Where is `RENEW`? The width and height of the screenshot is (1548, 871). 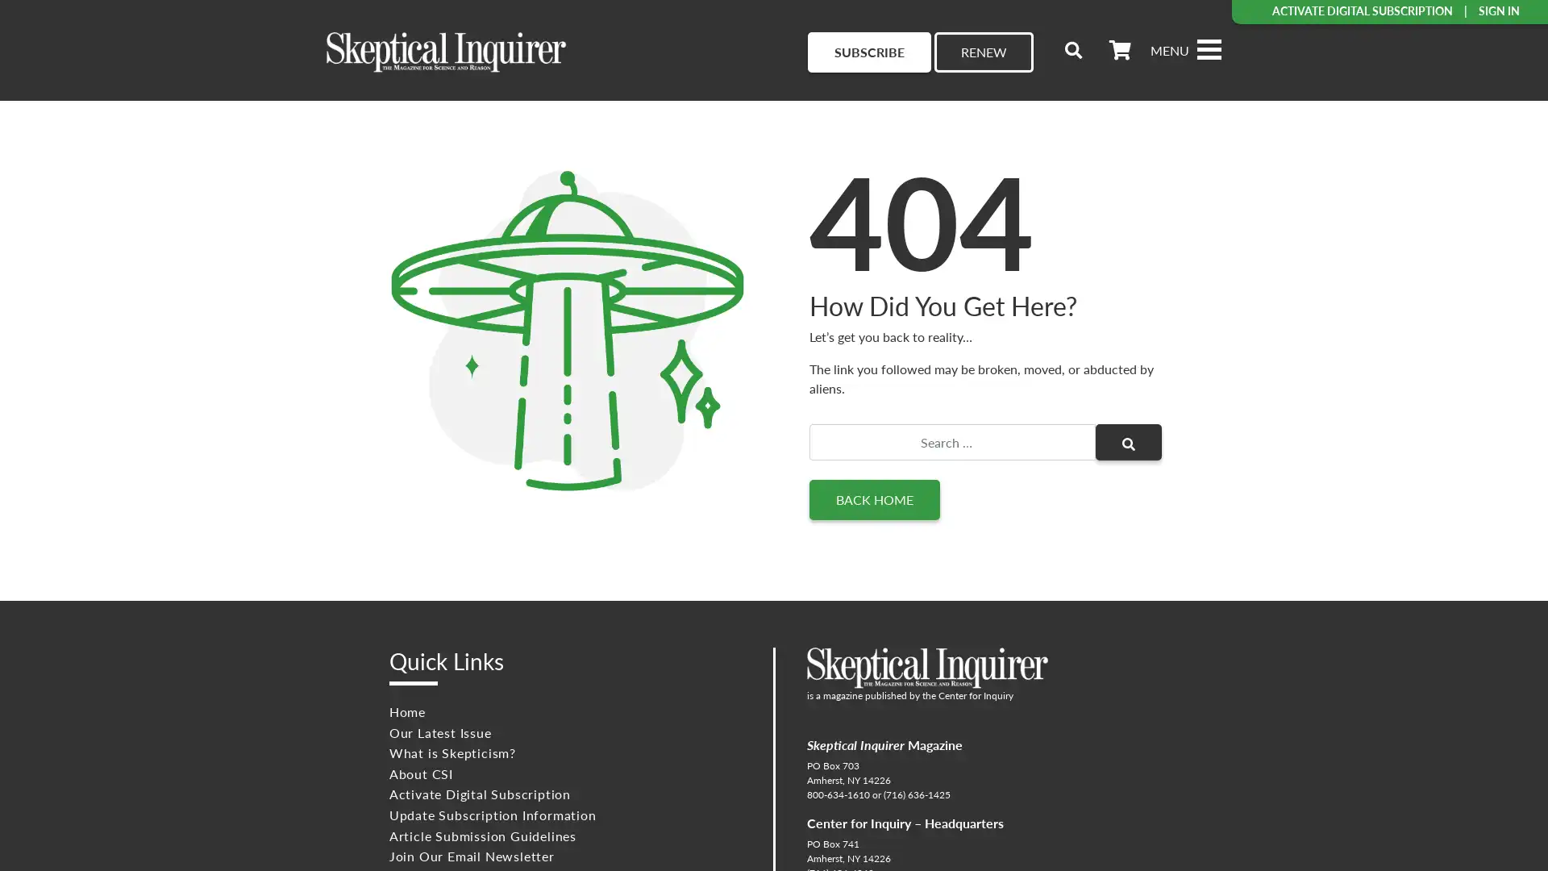 RENEW is located at coordinates (983, 52).